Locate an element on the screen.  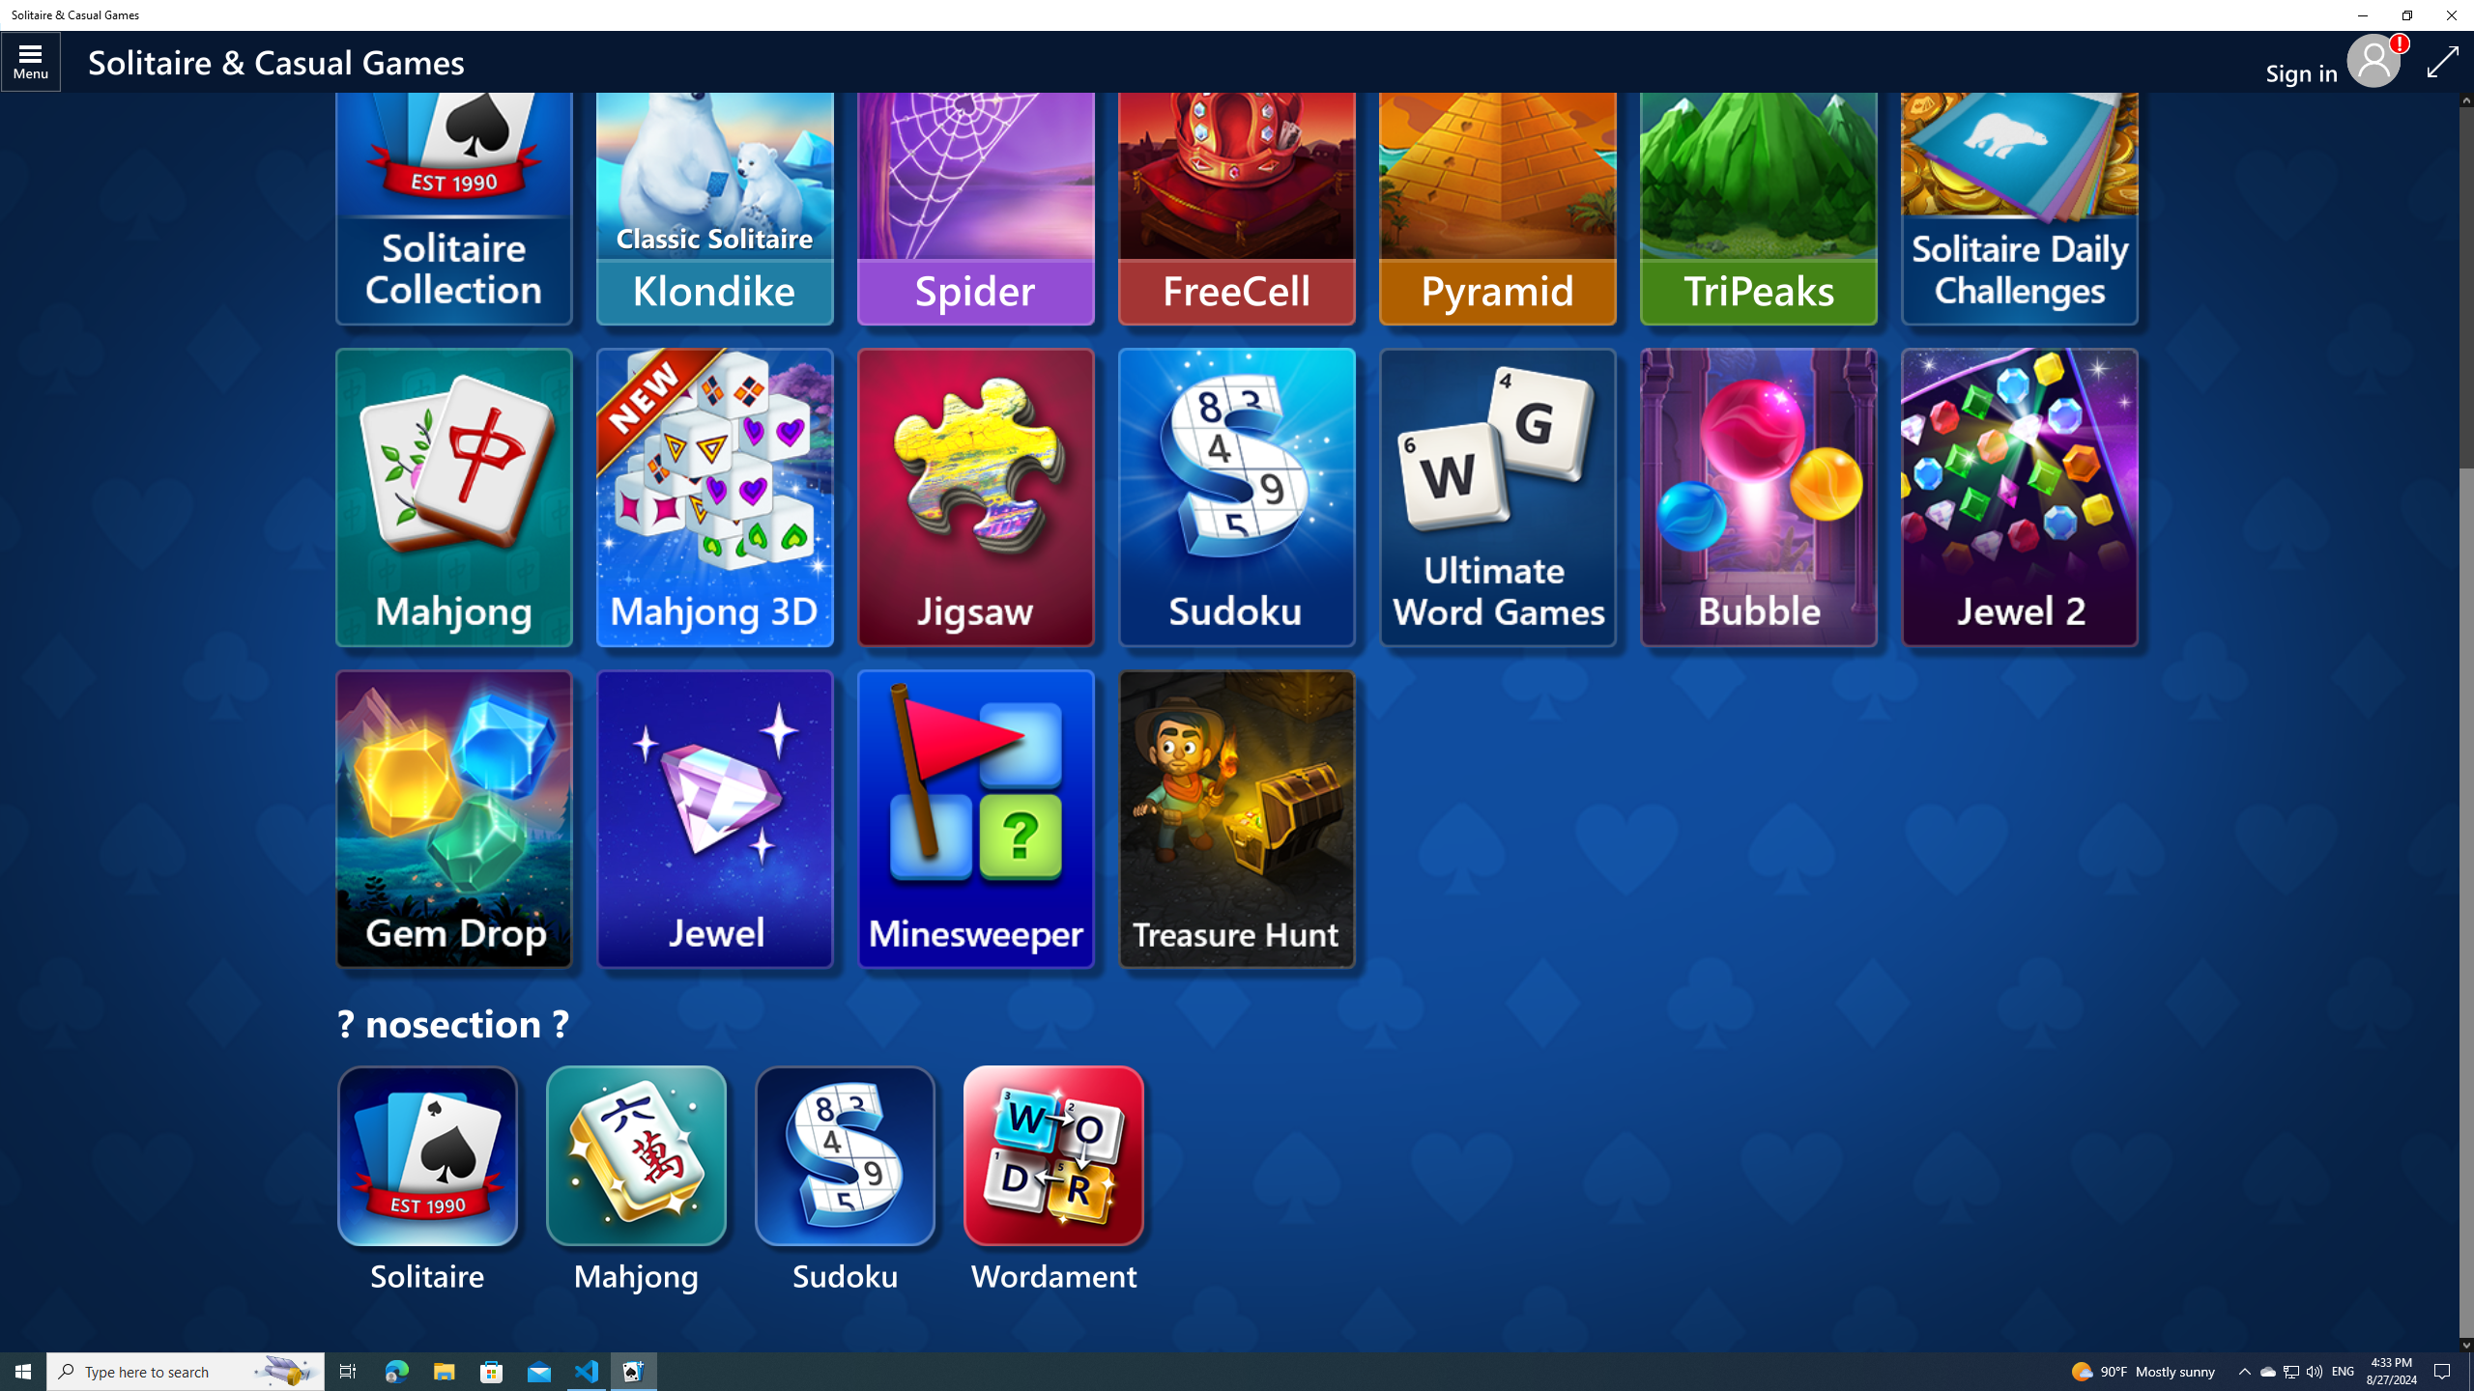
'Microsoft Bubble' is located at coordinates (1758, 496).